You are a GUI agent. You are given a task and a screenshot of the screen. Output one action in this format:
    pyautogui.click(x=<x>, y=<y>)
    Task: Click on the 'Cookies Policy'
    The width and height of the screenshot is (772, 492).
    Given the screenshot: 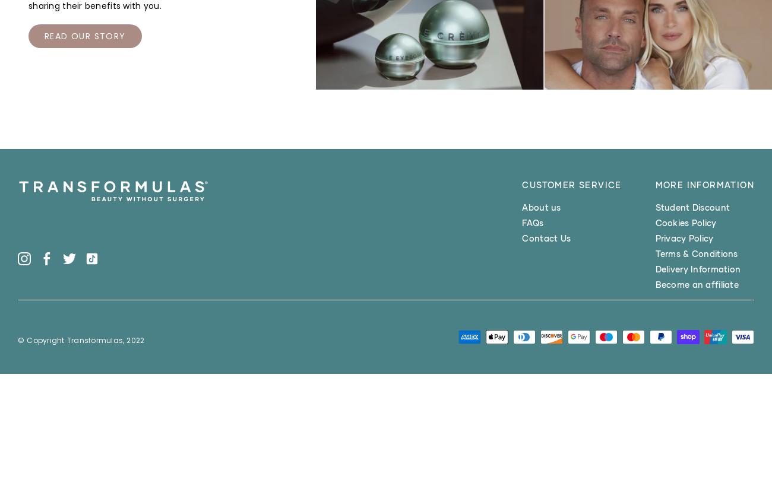 What is the action you would take?
    pyautogui.click(x=685, y=221)
    